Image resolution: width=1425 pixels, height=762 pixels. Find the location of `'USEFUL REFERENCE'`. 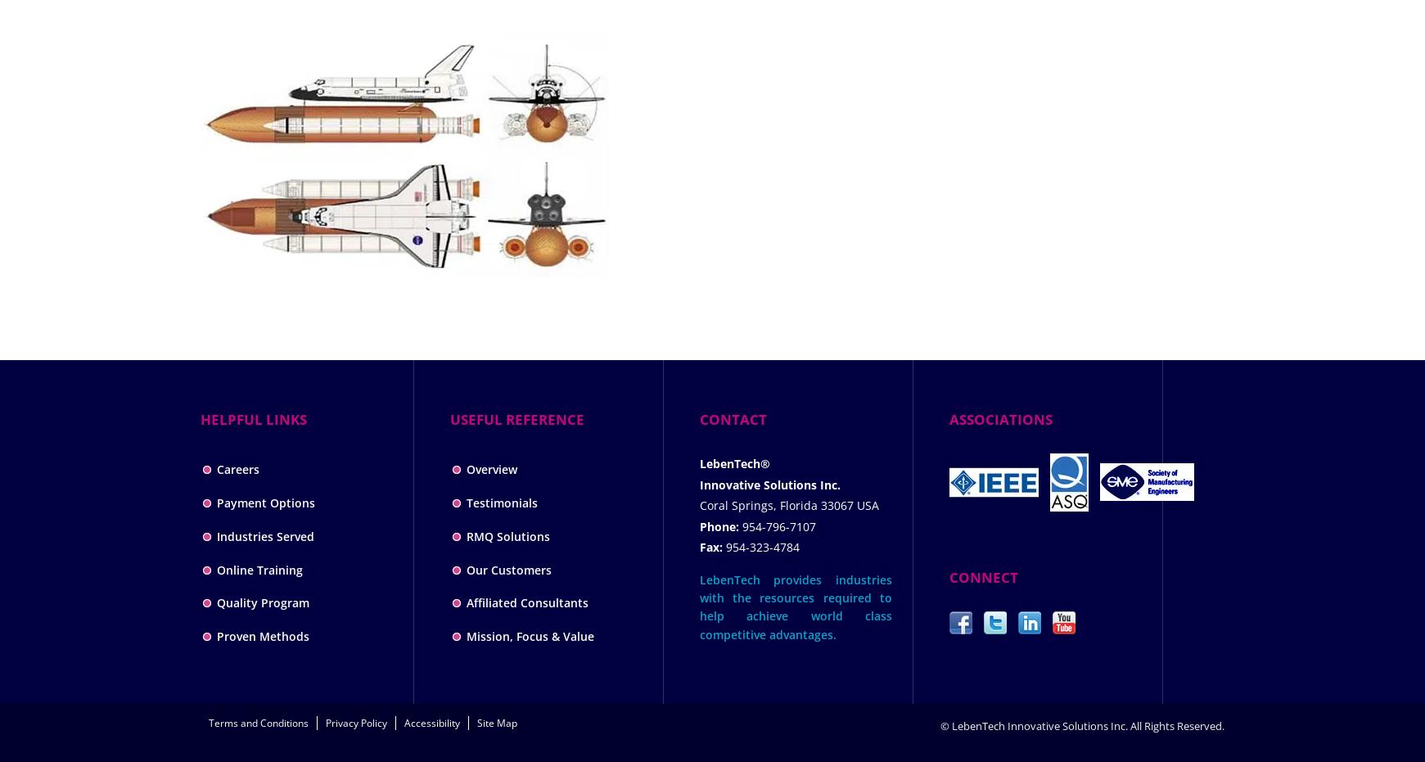

'USEFUL REFERENCE' is located at coordinates (449, 419).